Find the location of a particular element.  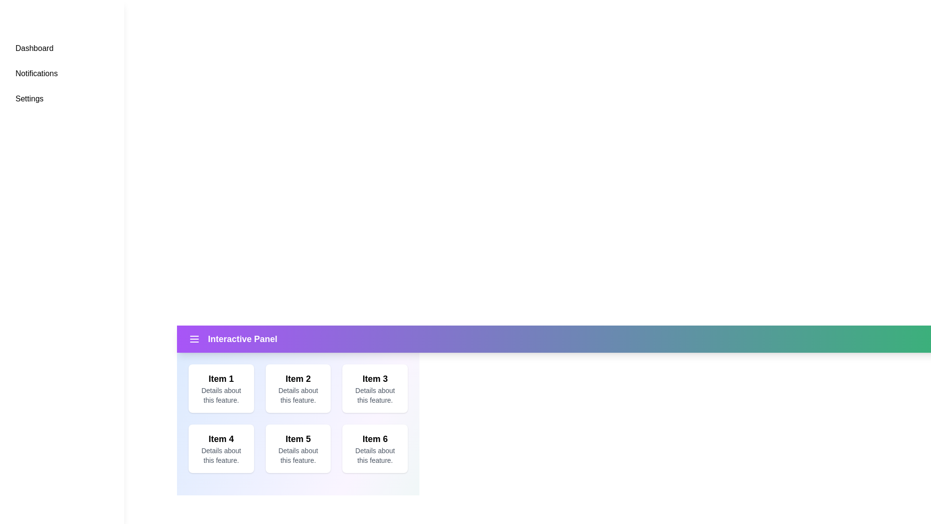

the text label displaying 'Item 4' which is a prominent heading in a bold, black font located in the second row and first column of a grid layout is located at coordinates (221, 439).